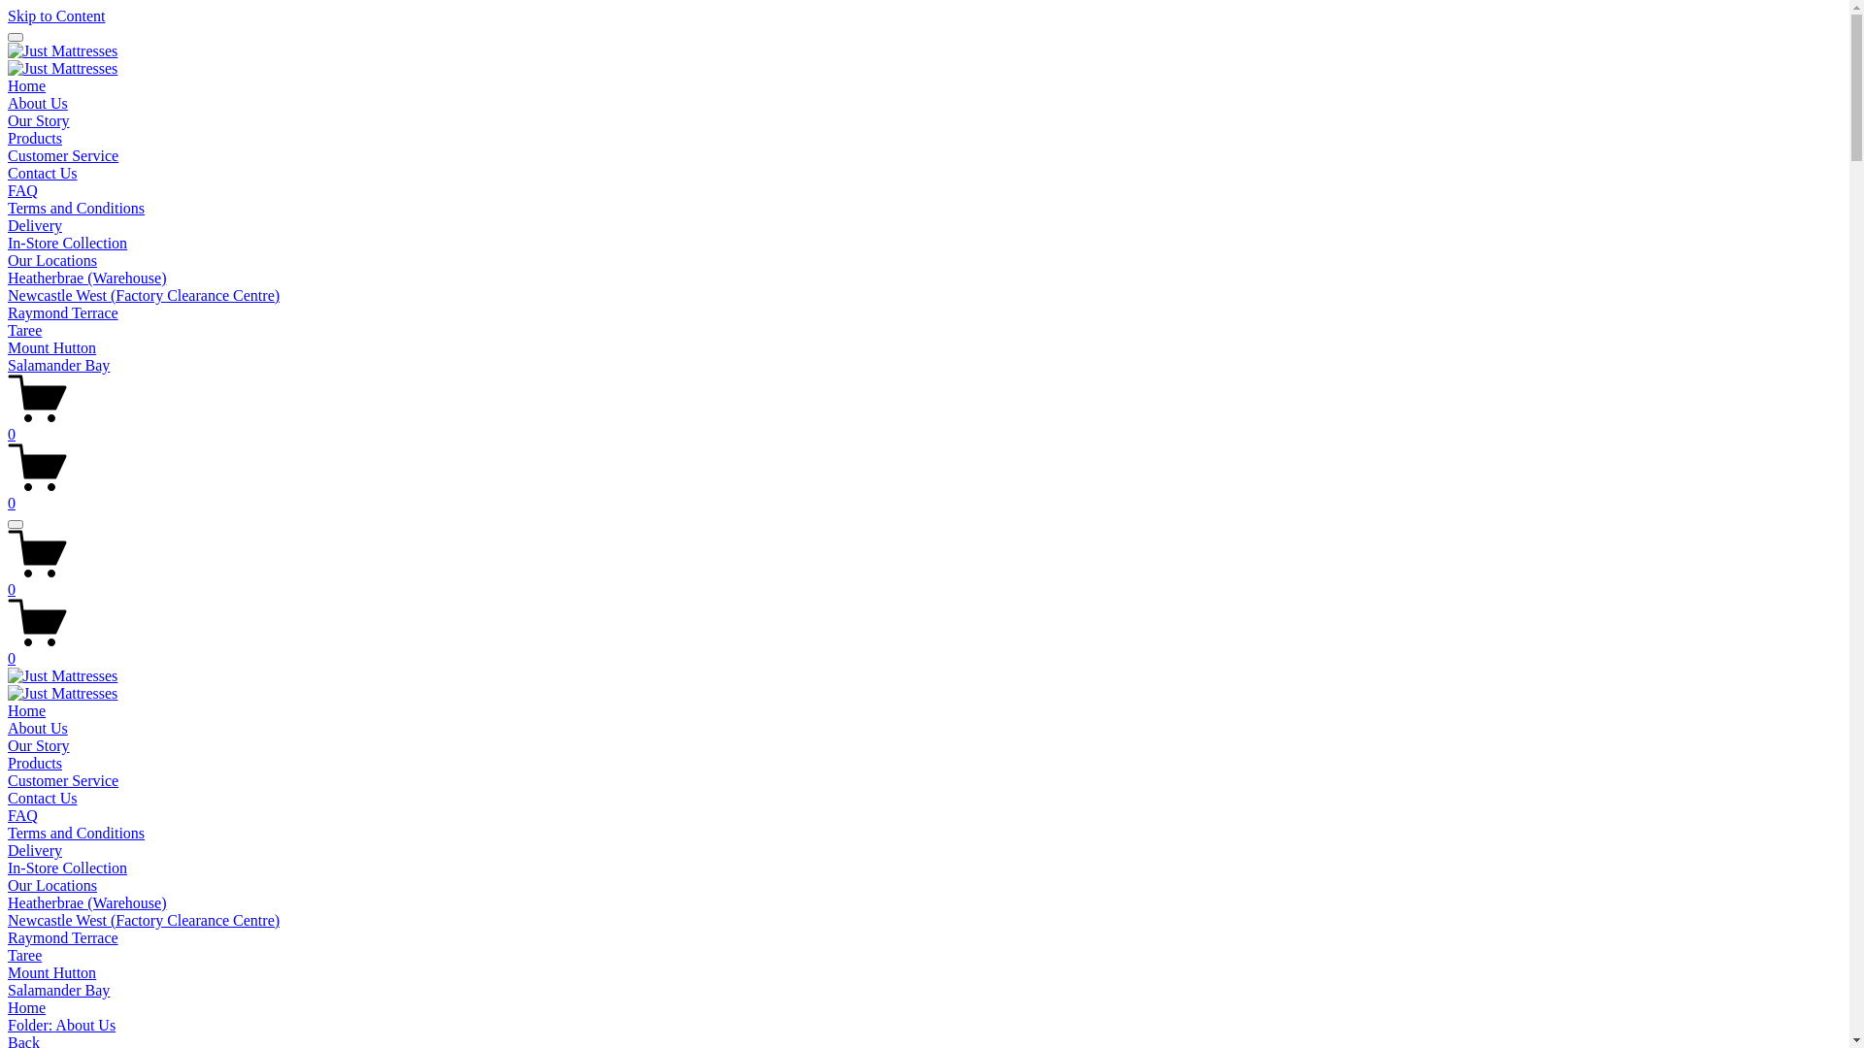  Describe the element at coordinates (34, 224) in the screenshot. I see `'Delivery'` at that location.